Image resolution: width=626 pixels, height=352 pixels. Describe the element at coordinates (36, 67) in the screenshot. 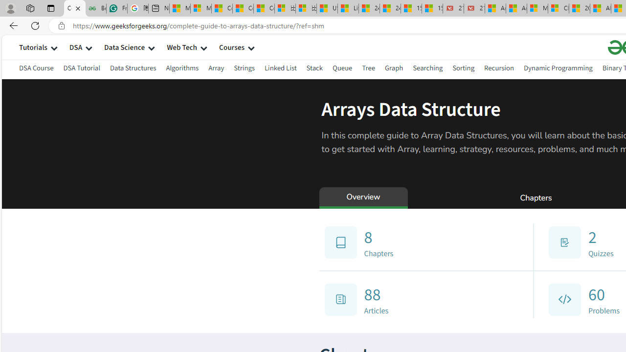

I see `'DSA Course'` at that location.